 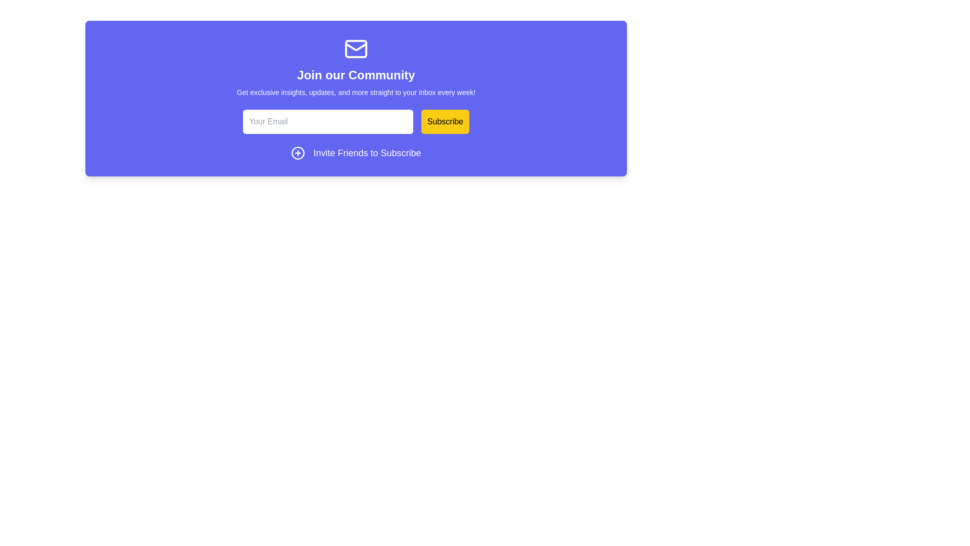 What do you see at coordinates (366, 153) in the screenshot?
I see `text label that encourages users to invite friends to subscribe, located below the email subscription input field and button` at bounding box center [366, 153].